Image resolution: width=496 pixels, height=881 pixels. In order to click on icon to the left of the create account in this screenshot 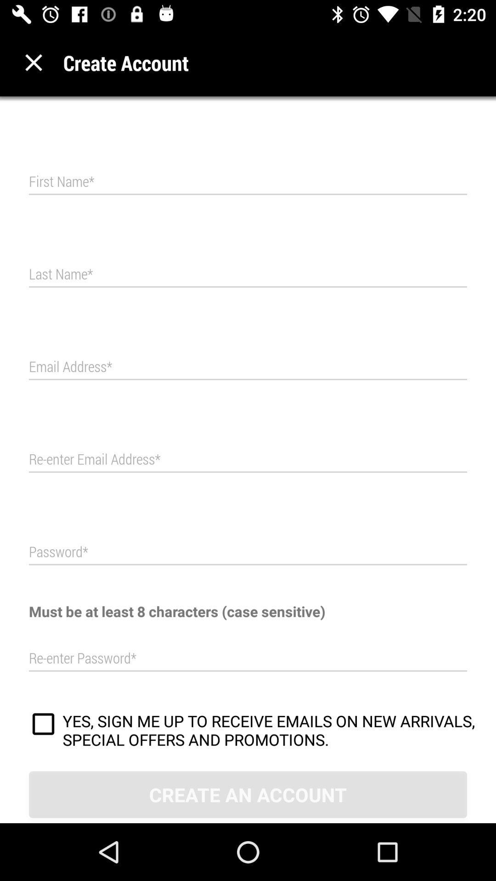, I will do `click(33, 62)`.